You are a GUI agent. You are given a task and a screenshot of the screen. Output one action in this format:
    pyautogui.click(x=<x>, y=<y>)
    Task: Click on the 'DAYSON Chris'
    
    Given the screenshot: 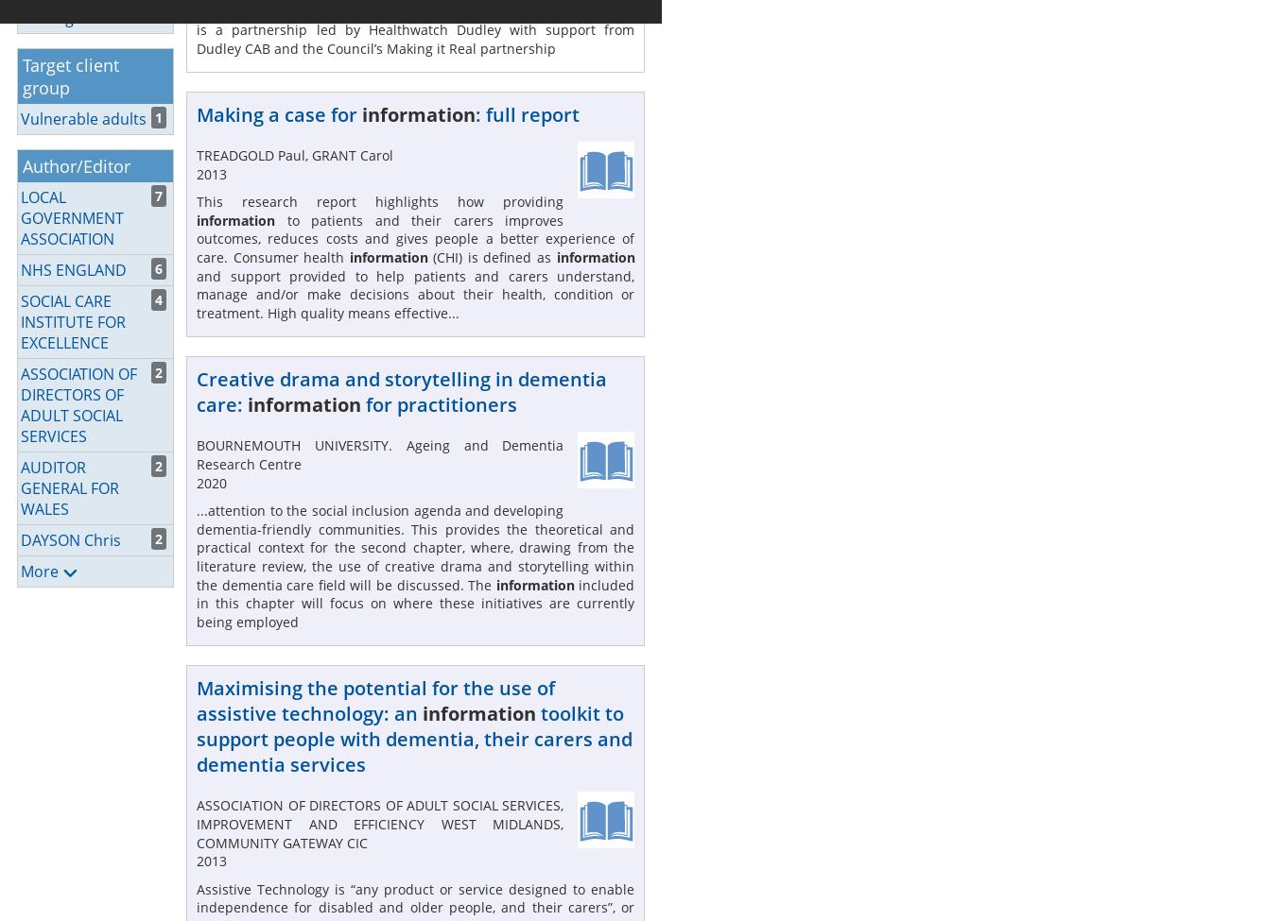 What is the action you would take?
    pyautogui.click(x=69, y=537)
    